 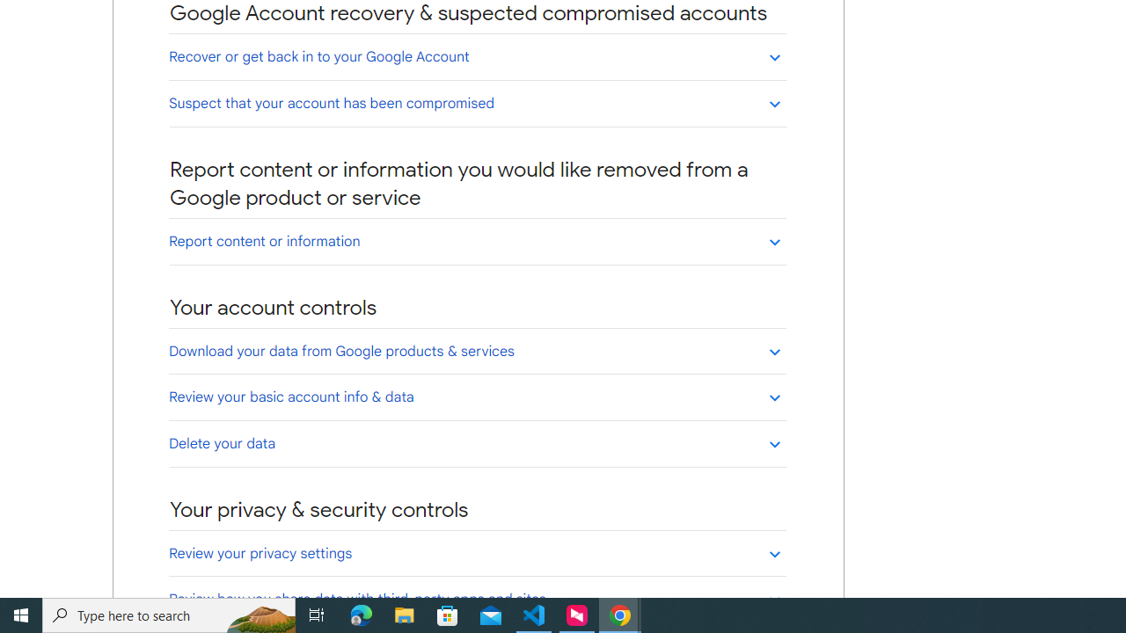 What do you see at coordinates (477, 103) in the screenshot?
I see `'Suspect that your account has been compromised'` at bounding box center [477, 103].